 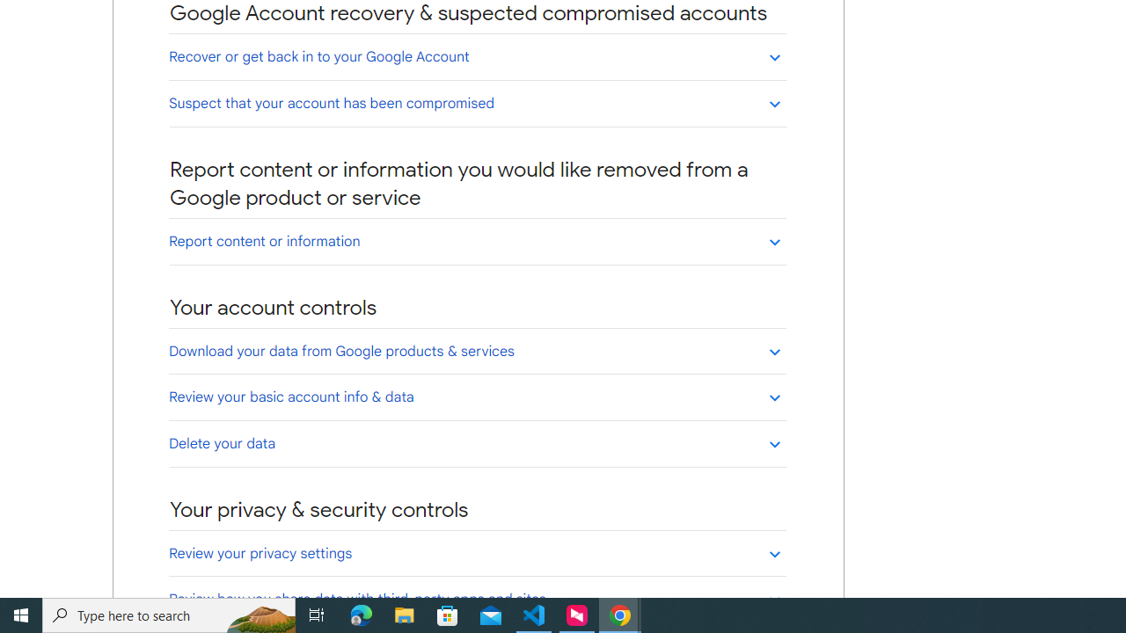 What do you see at coordinates (477, 103) in the screenshot?
I see `'Suspect that your account has been compromised'` at bounding box center [477, 103].